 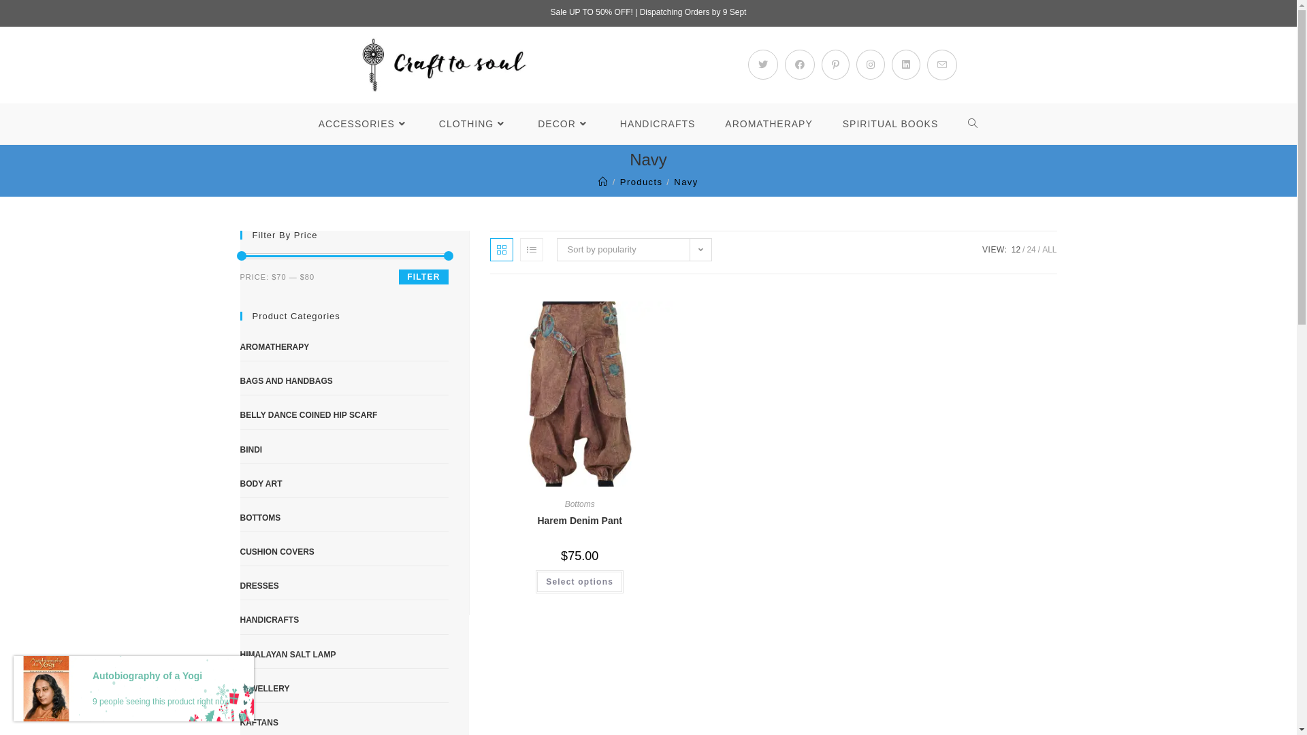 I want to click on 'DECOR', so click(x=522, y=123).